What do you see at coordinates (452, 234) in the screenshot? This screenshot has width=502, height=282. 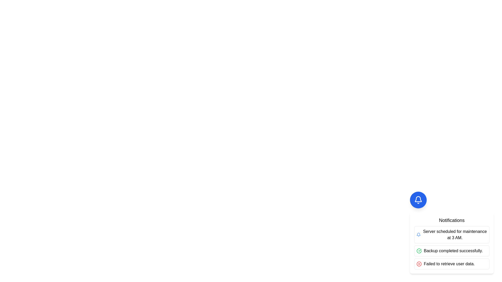 I see `text of the first notification card, which contains the message 'Server scheduled for maintenance at 3 AM.'` at bounding box center [452, 234].